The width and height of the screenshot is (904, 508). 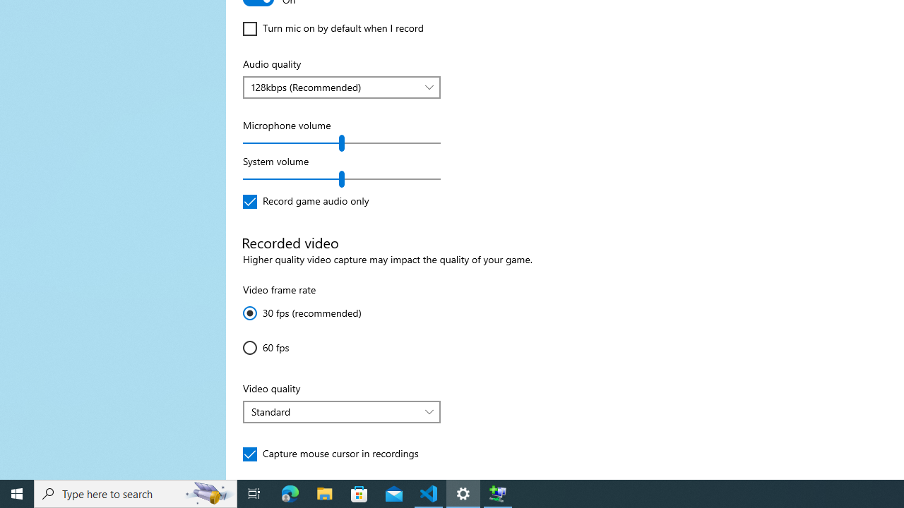 What do you see at coordinates (342, 87) in the screenshot?
I see `'Audio quality'` at bounding box center [342, 87].